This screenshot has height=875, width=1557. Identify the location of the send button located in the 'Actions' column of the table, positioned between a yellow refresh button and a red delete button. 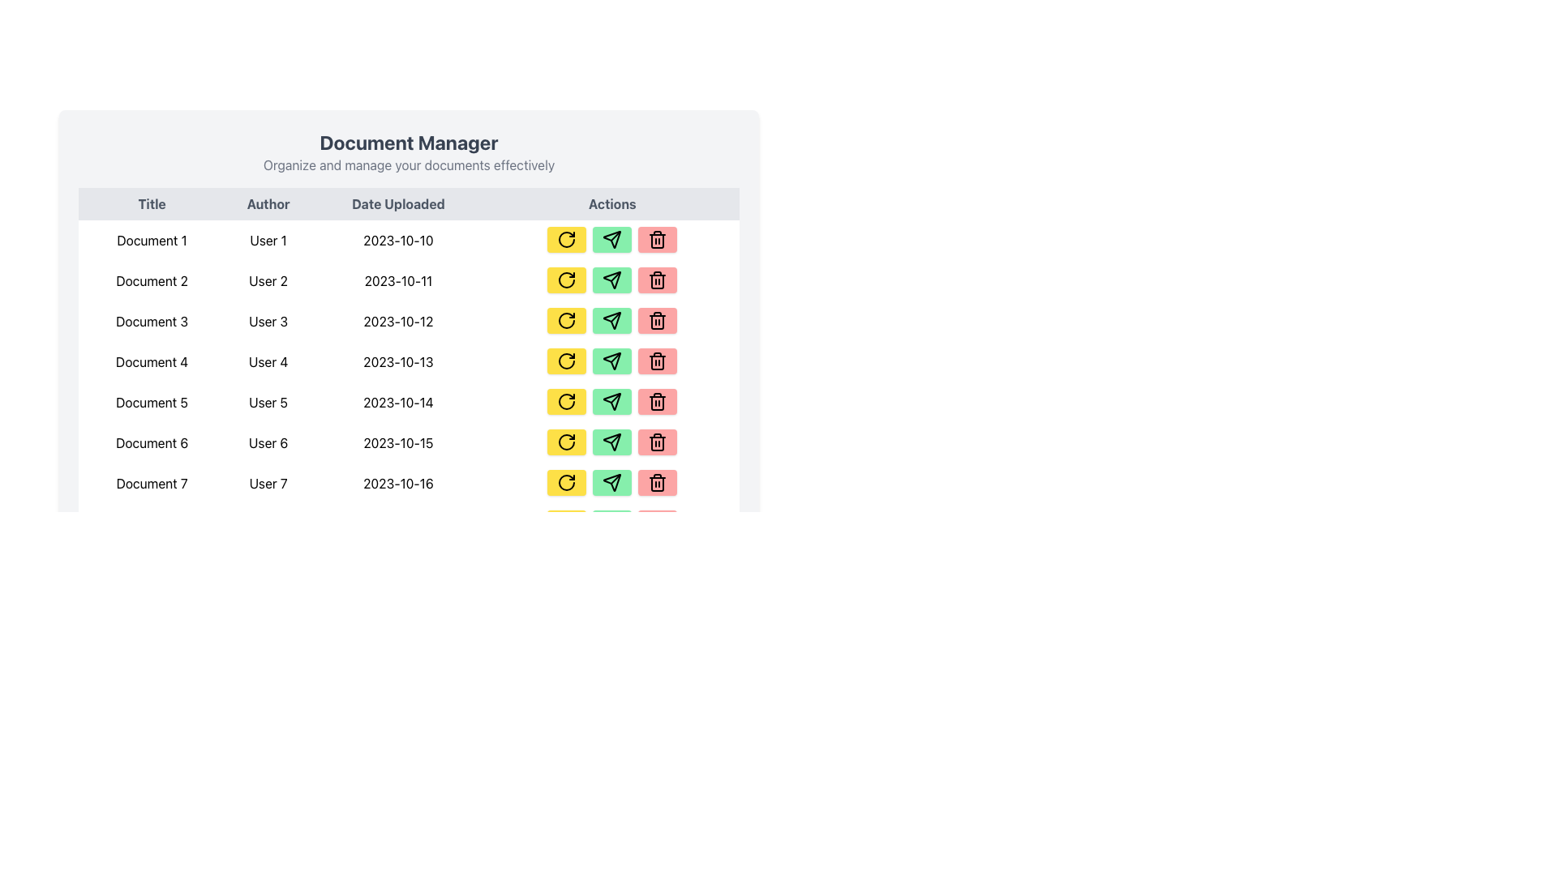
(611, 604).